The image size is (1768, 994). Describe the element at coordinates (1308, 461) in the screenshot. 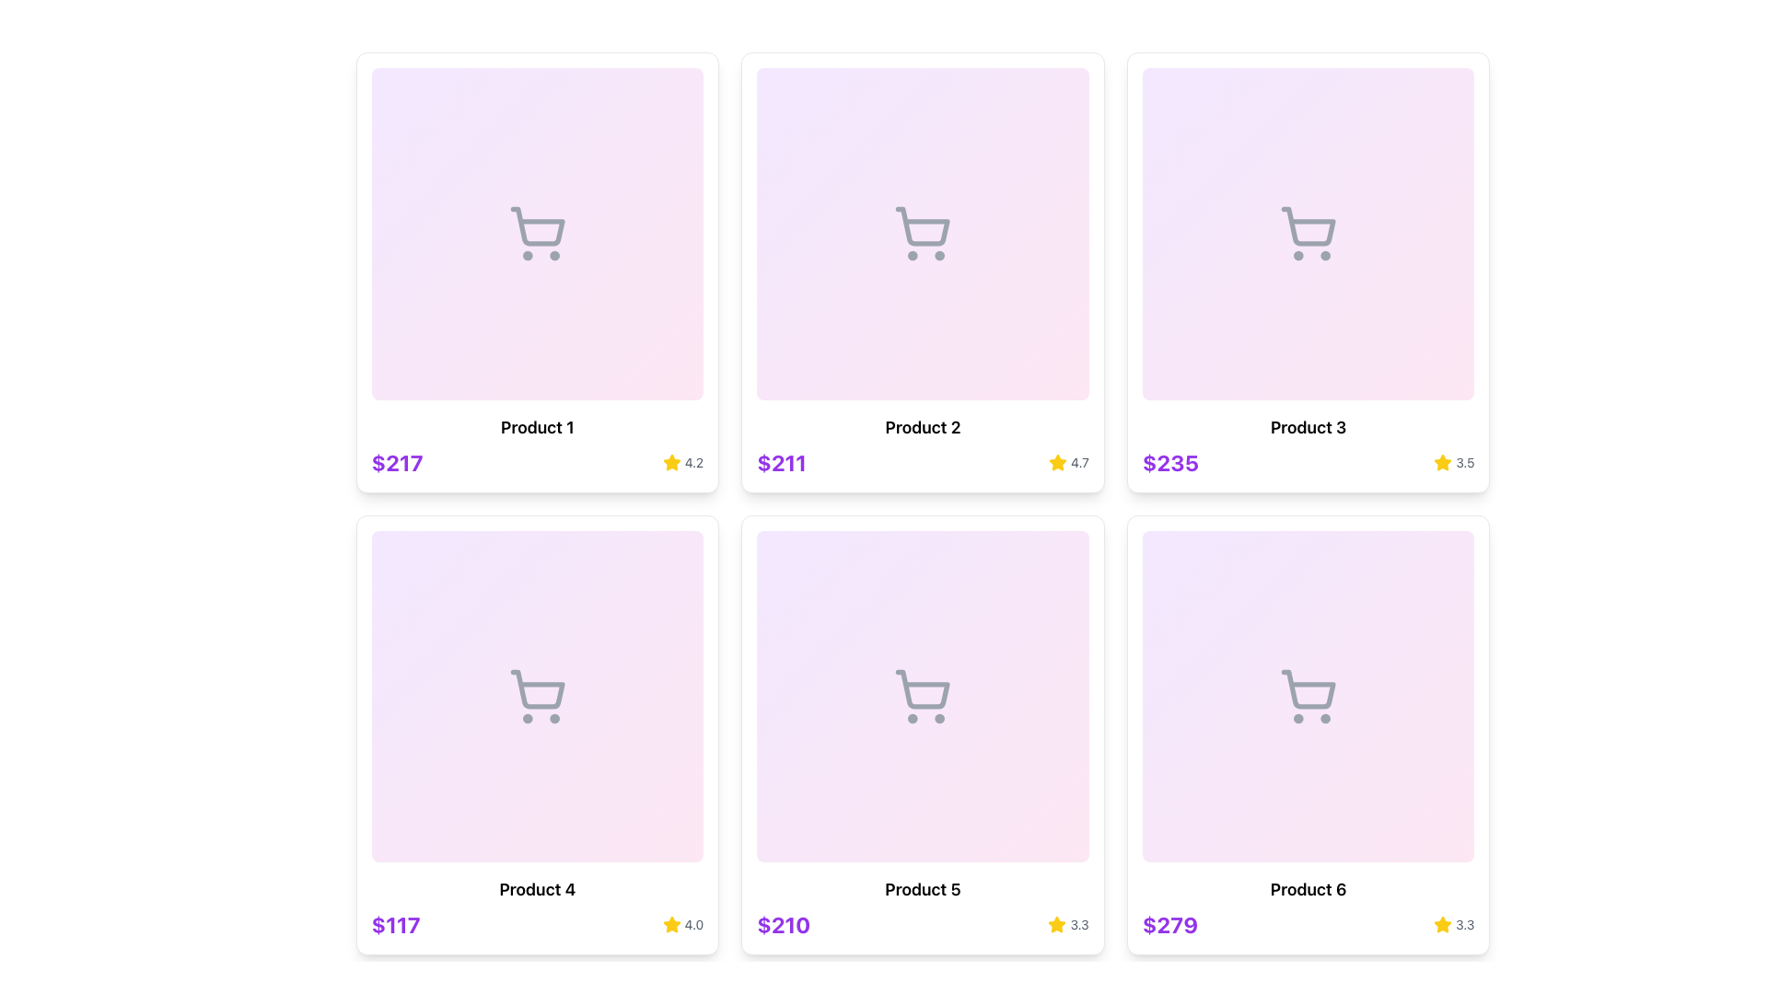

I see `price and rating details from the Composite display element located at the bottom section of the card labeled 'Product 3', which is the third card from the left in the top row` at that location.